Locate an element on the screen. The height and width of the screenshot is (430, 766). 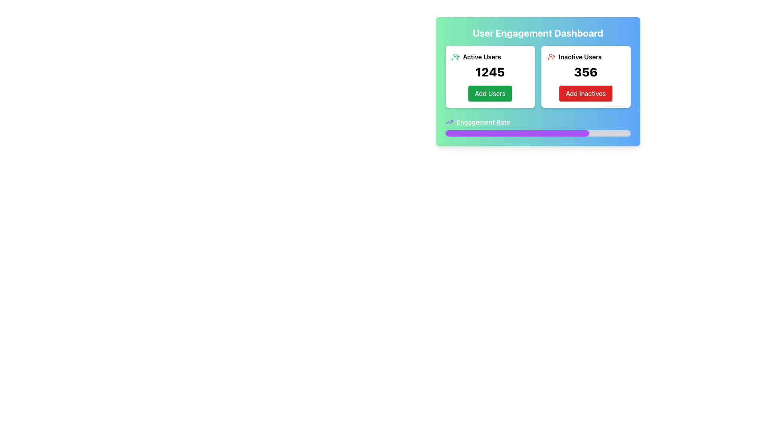
the upward trending arrow icon with a vibrant purple line located next to the label 'Engagement Rate' is located at coordinates (449, 122).